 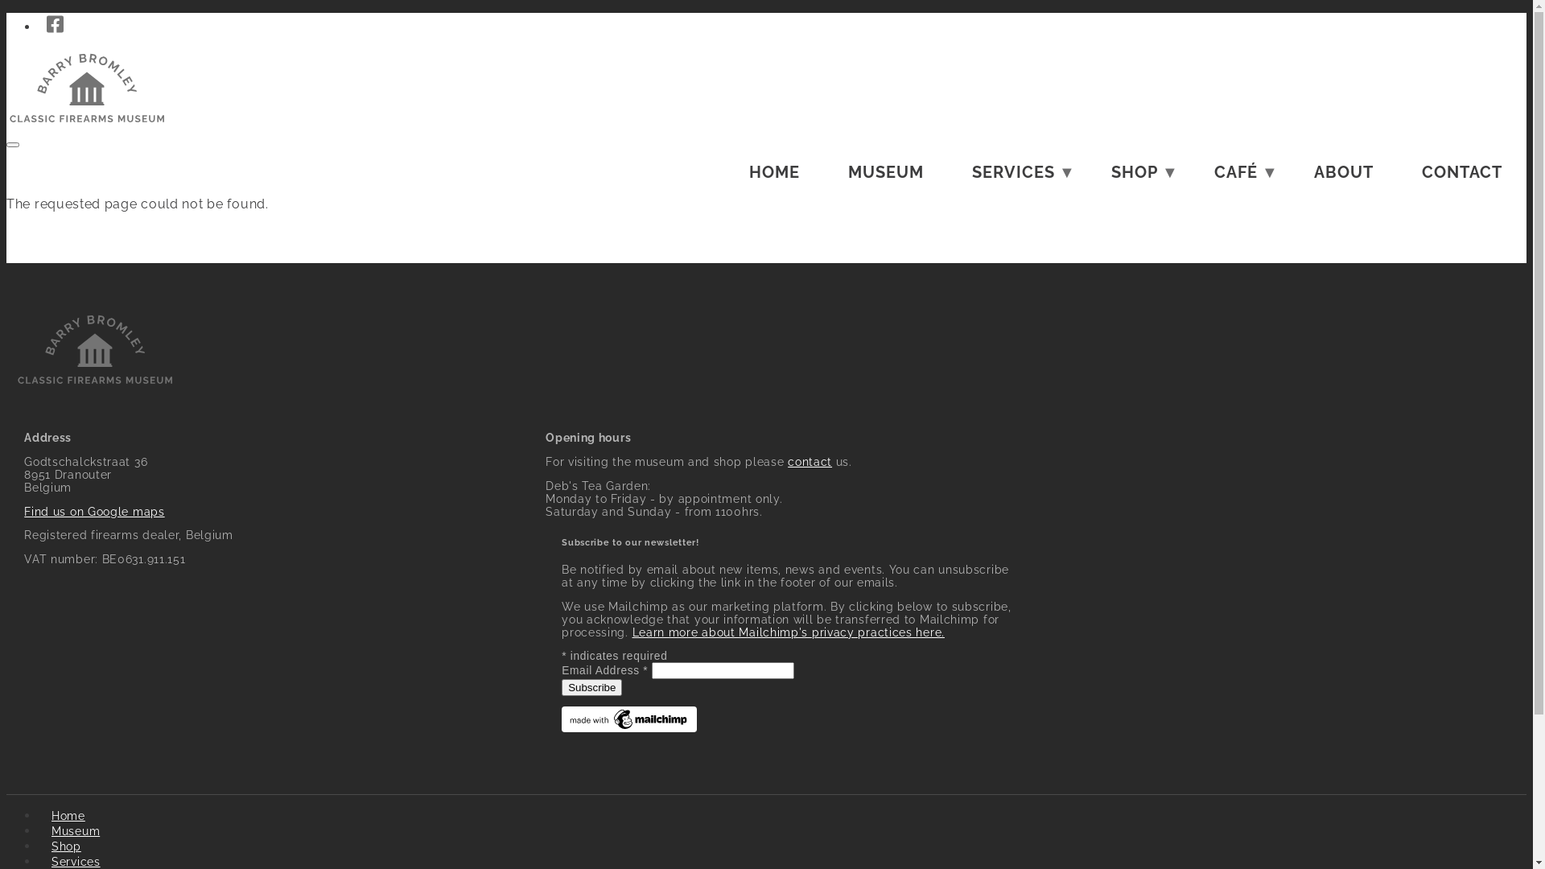 What do you see at coordinates (774, 171) in the screenshot?
I see `'HOME'` at bounding box center [774, 171].